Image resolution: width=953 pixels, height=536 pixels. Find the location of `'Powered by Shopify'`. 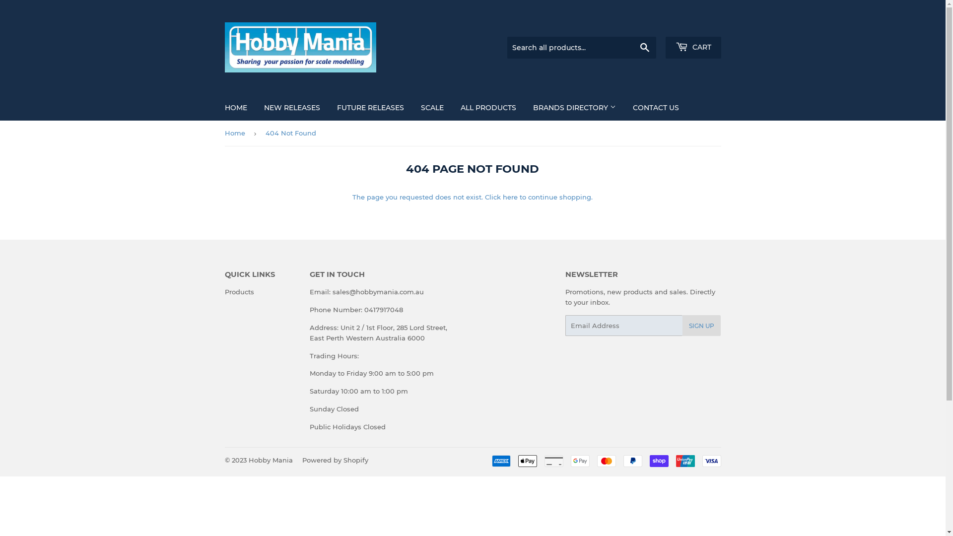

'Powered by Shopify' is located at coordinates (335, 460).